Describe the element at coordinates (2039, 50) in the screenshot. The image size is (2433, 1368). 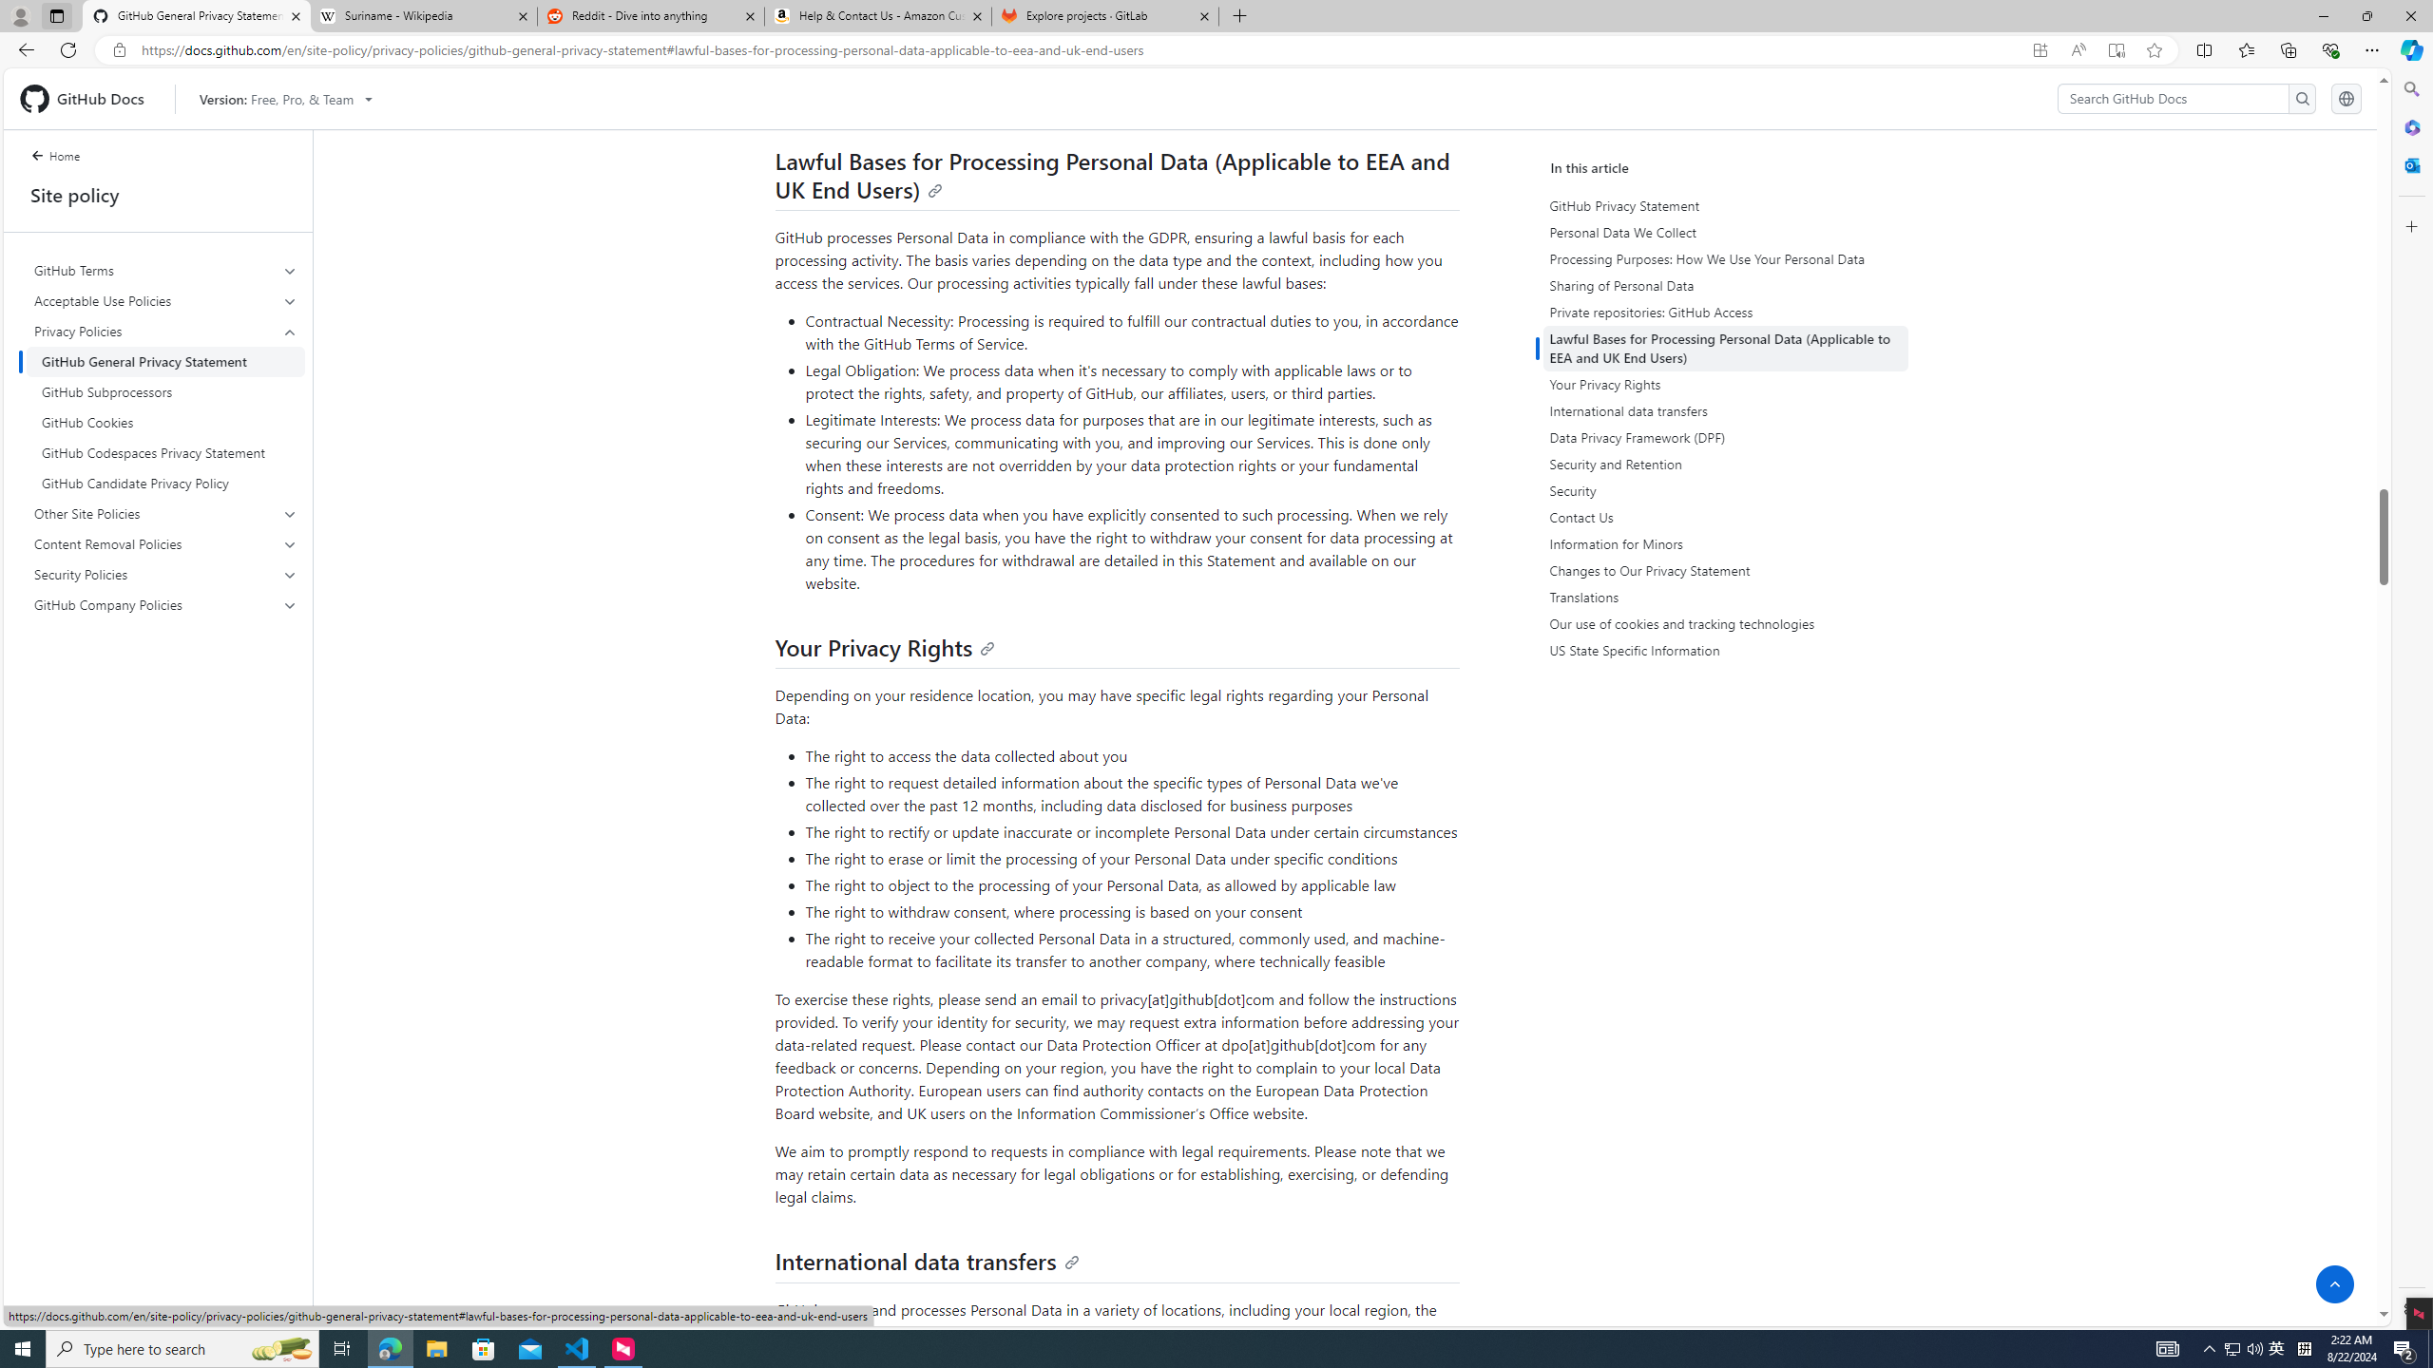
I see `'App available. Install GitHub Docs'` at that location.